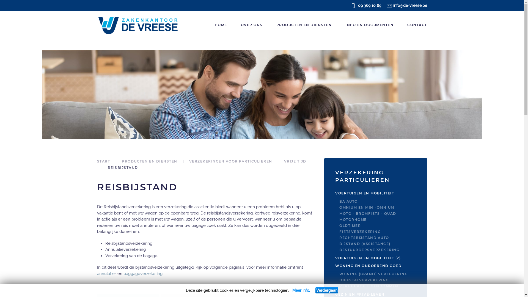 This screenshot has width=528, height=297. What do you see at coordinates (339, 213) in the screenshot?
I see `'MOTO - BROMFIETS - QUAD'` at bounding box center [339, 213].